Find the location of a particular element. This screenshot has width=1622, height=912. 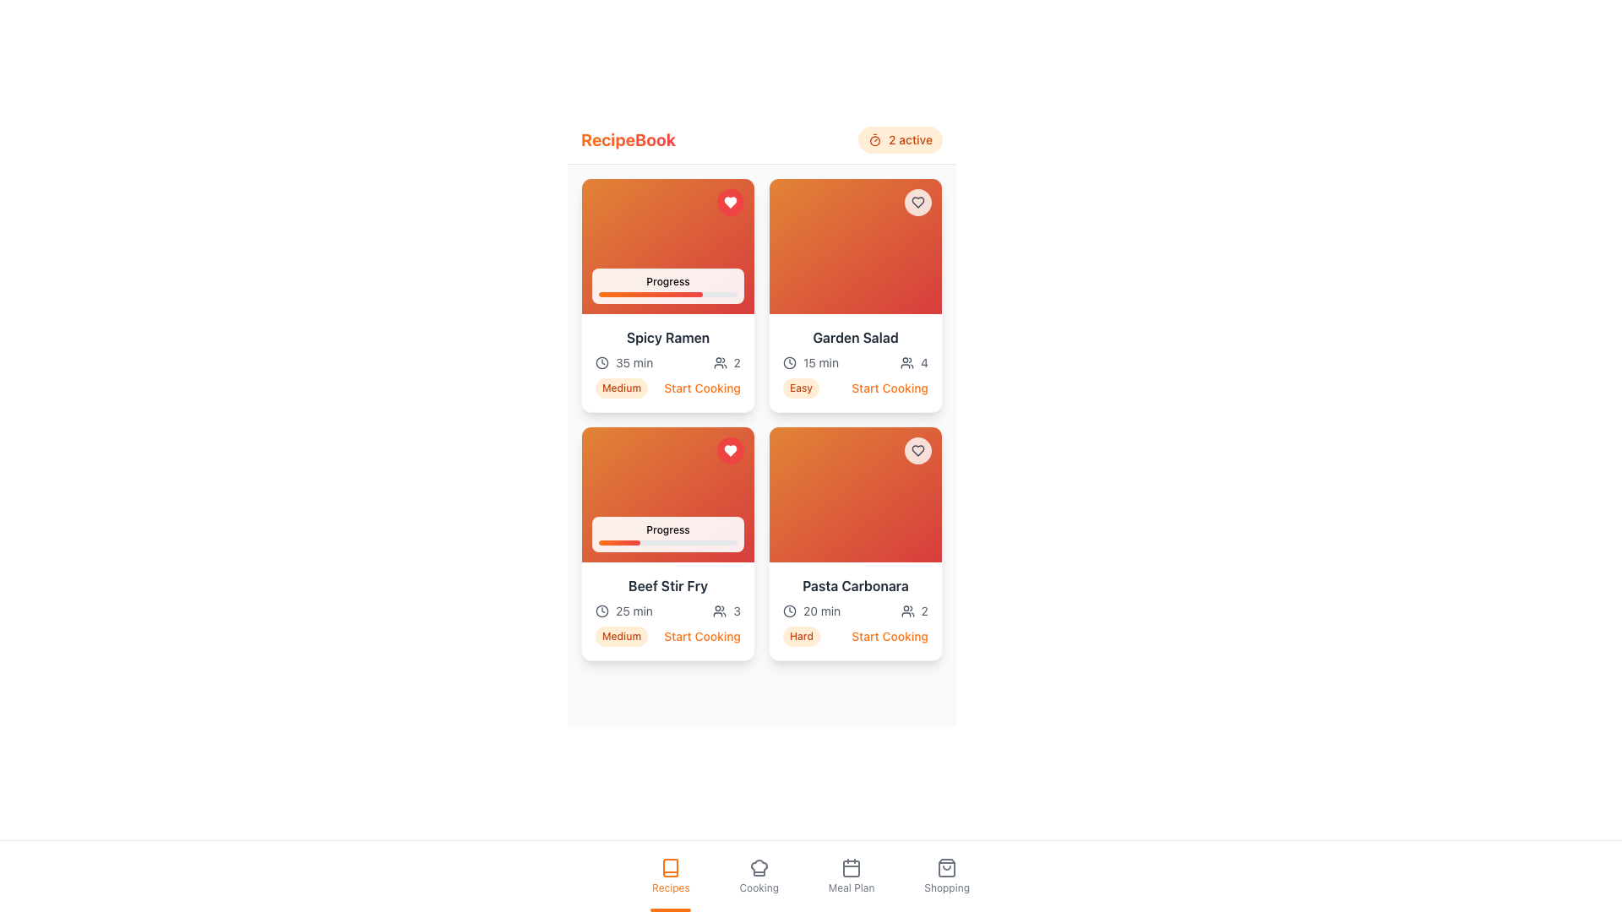

the Status Indicator, which shows the number of active items with a clock icon, located at the top-right of the 'RecipeBook' section is located at coordinates (899, 138).